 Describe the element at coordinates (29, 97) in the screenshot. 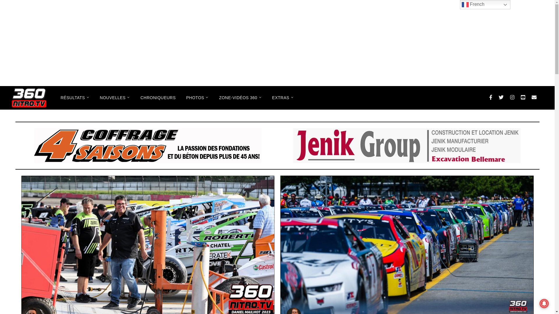

I see `'360 Nitro TV'` at that location.